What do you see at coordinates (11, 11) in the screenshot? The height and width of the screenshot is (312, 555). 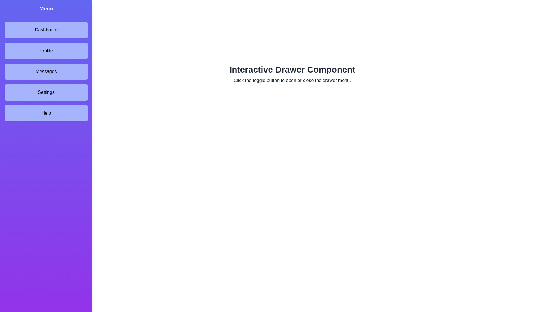 I see `the toggle button to toggle the drawer state` at bounding box center [11, 11].